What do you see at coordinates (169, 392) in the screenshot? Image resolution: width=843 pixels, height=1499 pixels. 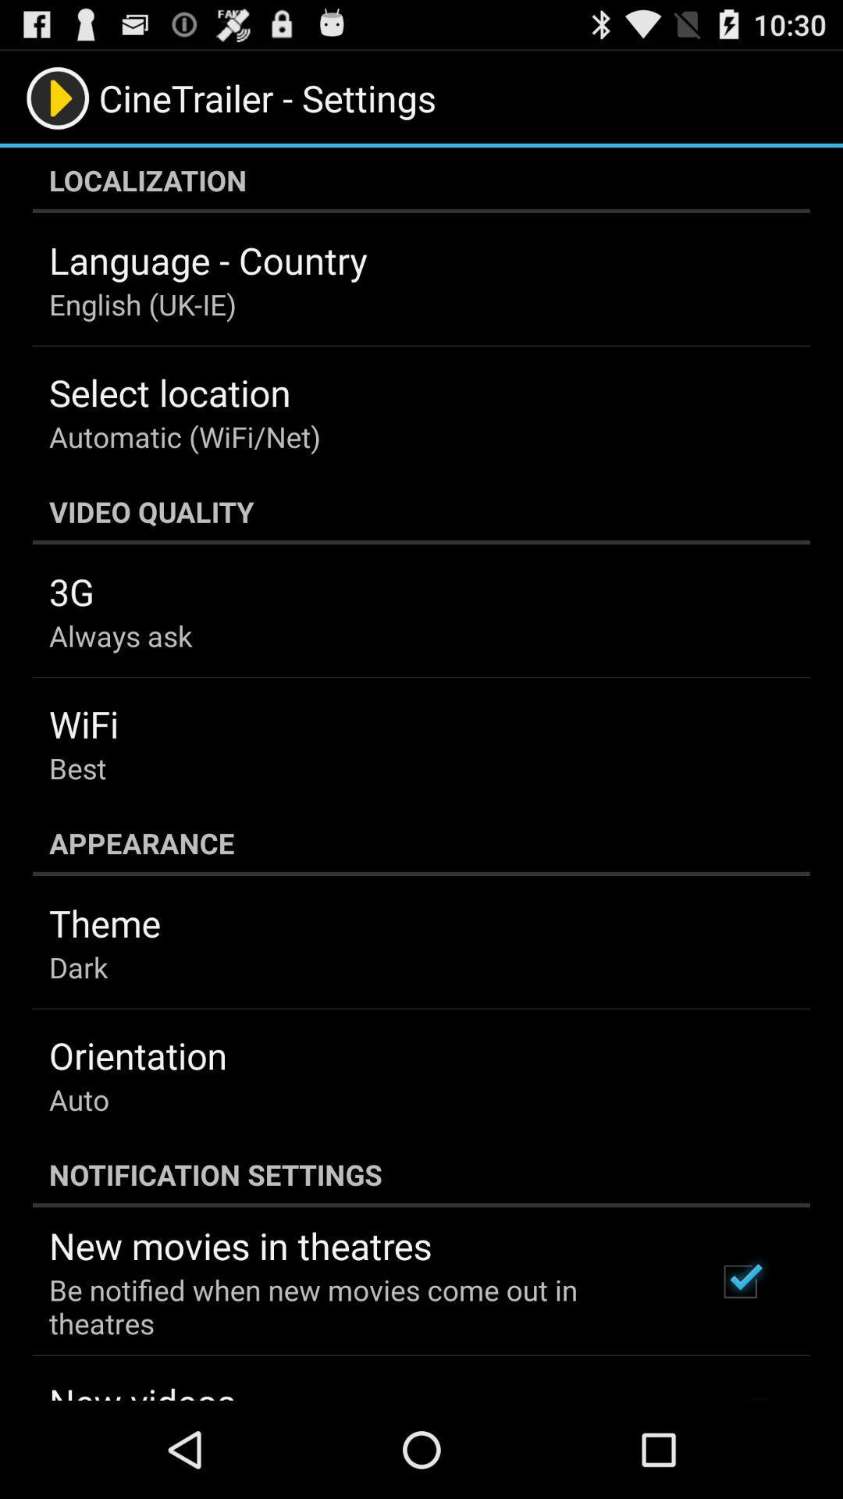 I see `select location item` at bounding box center [169, 392].